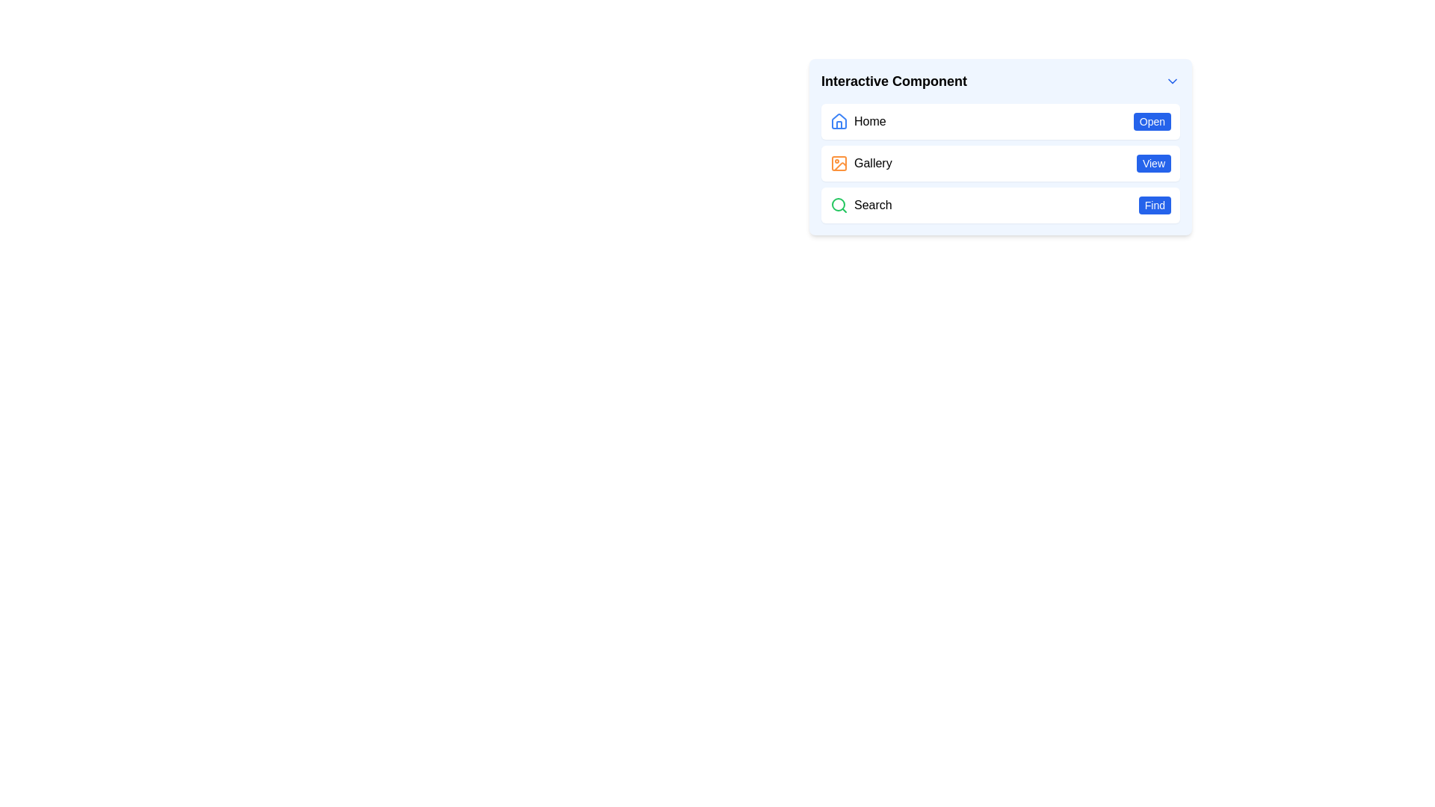 Image resolution: width=1435 pixels, height=807 pixels. Describe the element at coordinates (839, 164) in the screenshot. I see `the orange-colored icon resembling an image symbol, which is located in the 'Gallery' row, positioned to the far left before the text 'Gallery'` at that location.